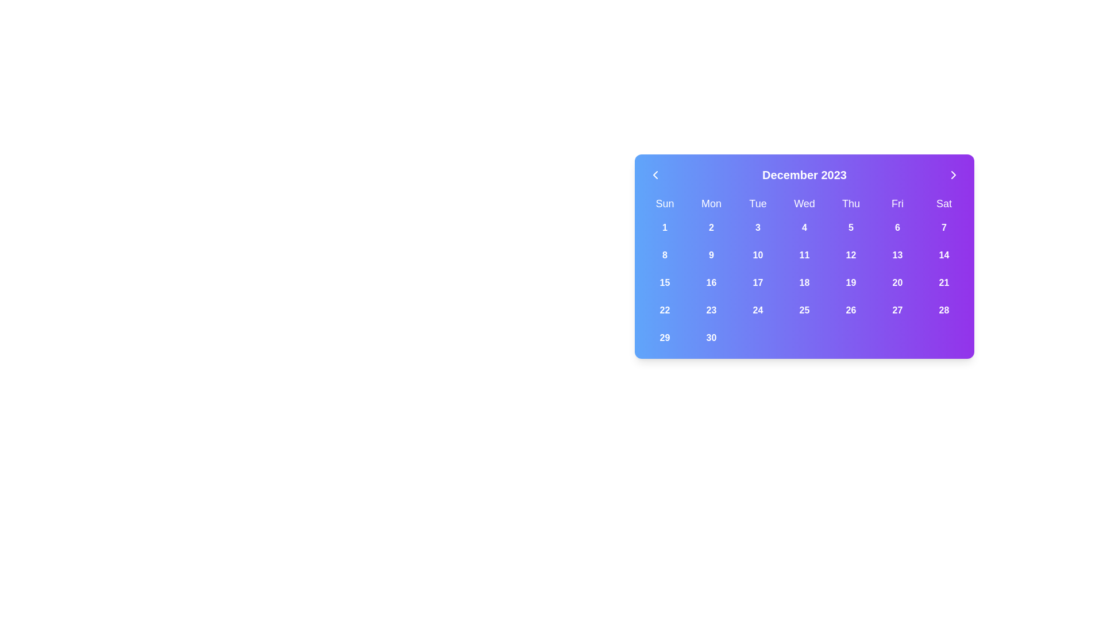  What do you see at coordinates (758, 203) in the screenshot?
I see `the static text label indicating 'Tuesday' in the calendar header, which is positioned between 'Mon' and 'Wed'` at bounding box center [758, 203].